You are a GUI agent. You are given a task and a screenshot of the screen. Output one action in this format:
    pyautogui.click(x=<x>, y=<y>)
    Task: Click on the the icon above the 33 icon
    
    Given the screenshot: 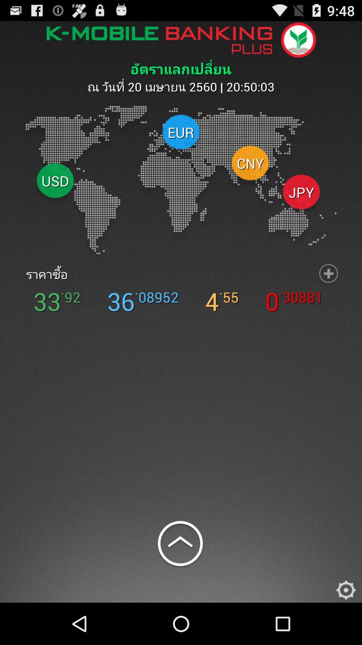 What is the action you would take?
    pyautogui.click(x=43, y=274)
    